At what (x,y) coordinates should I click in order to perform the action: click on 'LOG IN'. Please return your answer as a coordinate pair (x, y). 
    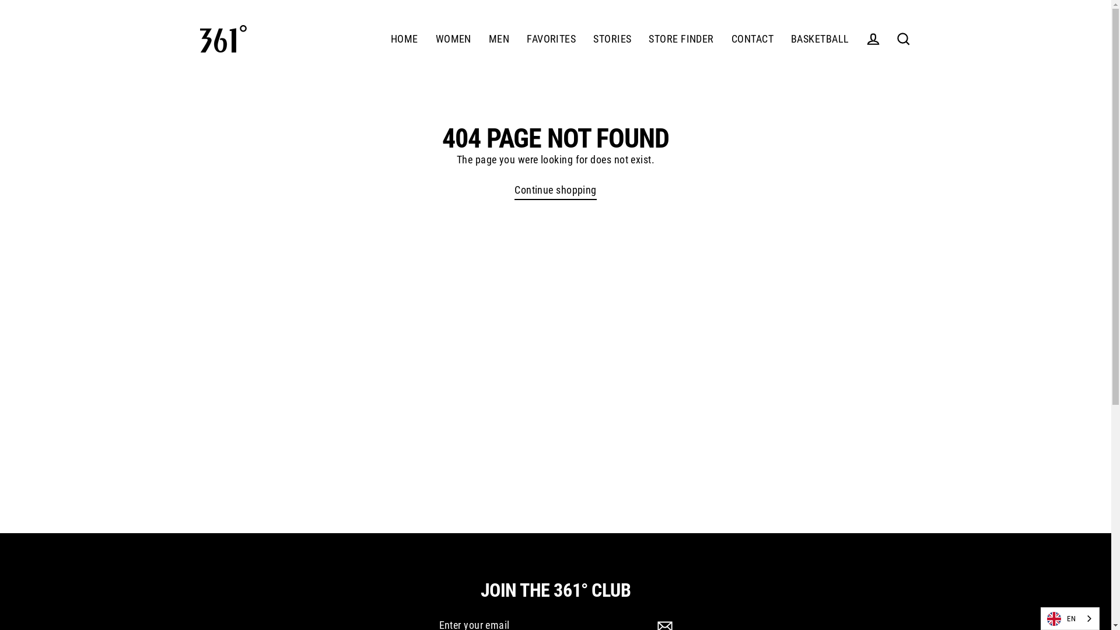
    Looking at the image, I should click on (873, 38).